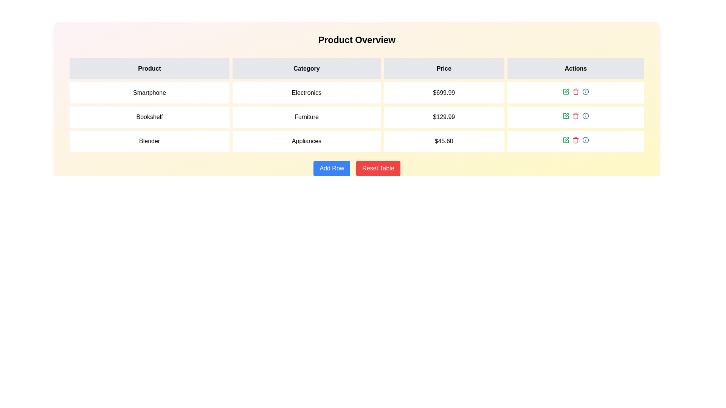  I want to click on red pen icon button located in the 'Actions' column of the last row in the 'Product Overview' table for accessibility information, so click(566, 139).